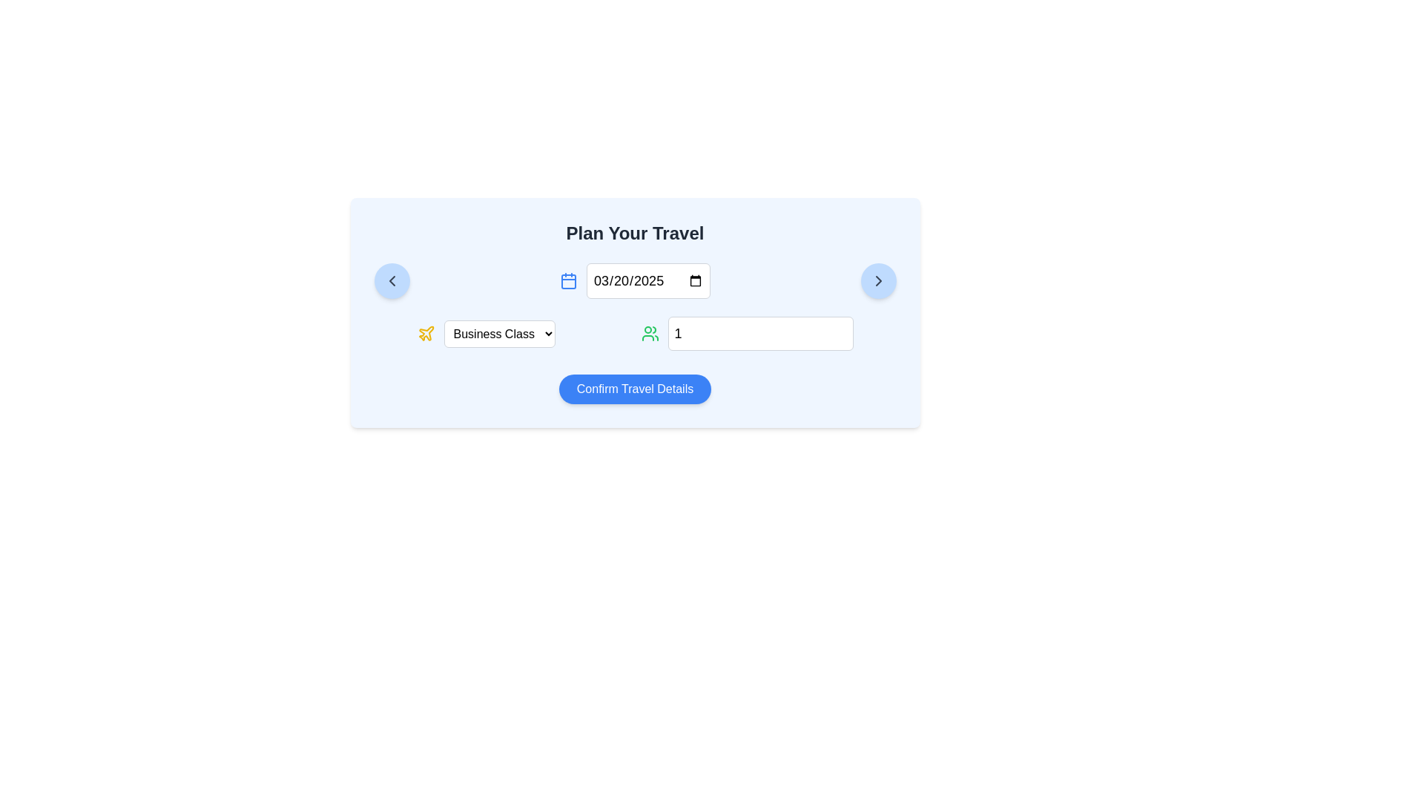 This screenshot has width=1424, height=801. I want to click on an option from the dropdown menu labeled 'Business Class' which is styled with a white background and light gray border, located in the 'Plan Your Travel' section, so click(499, 334).